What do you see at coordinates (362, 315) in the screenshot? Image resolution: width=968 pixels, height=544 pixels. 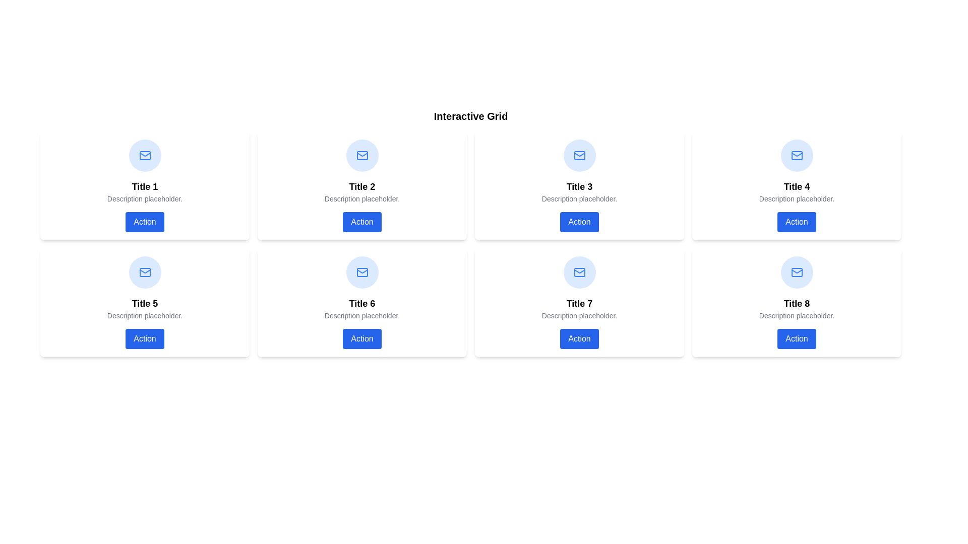 I see `static text description located centrally within the card labeled 'Title 6', positioned below the title and above the button labeled 'Action'` at bounding box center [362, 315].